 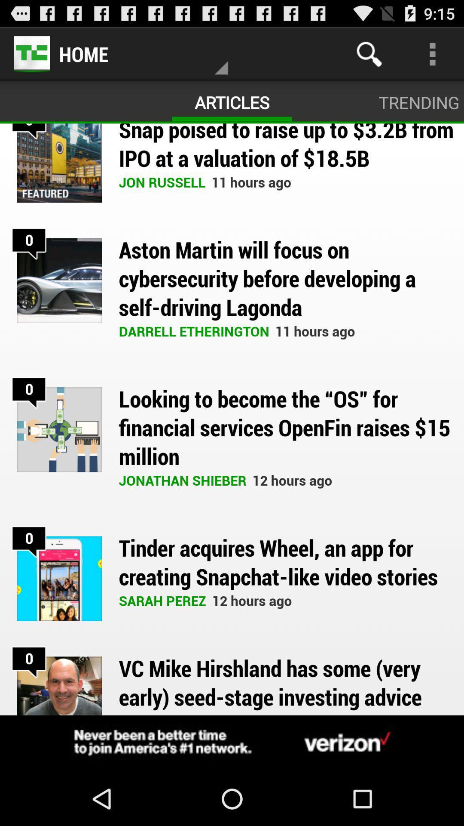 What do you see at coordinates (59, 579) in the screenshot?
I see `the last but one image in the page` at bounding box center [59, 579].